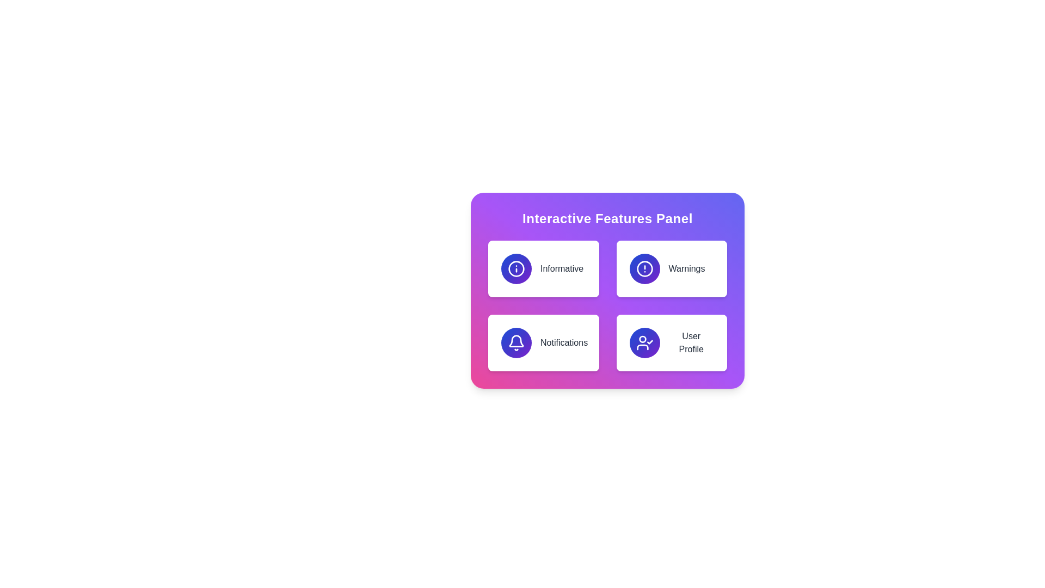  Describe the element at coordinates (516, 268) in the screenshot. I see `the Circle (SVG element) that serves as a decorative part of the 'Informative' icon located in the top-left corner of the 'Interactive Features Panel'` at that location.